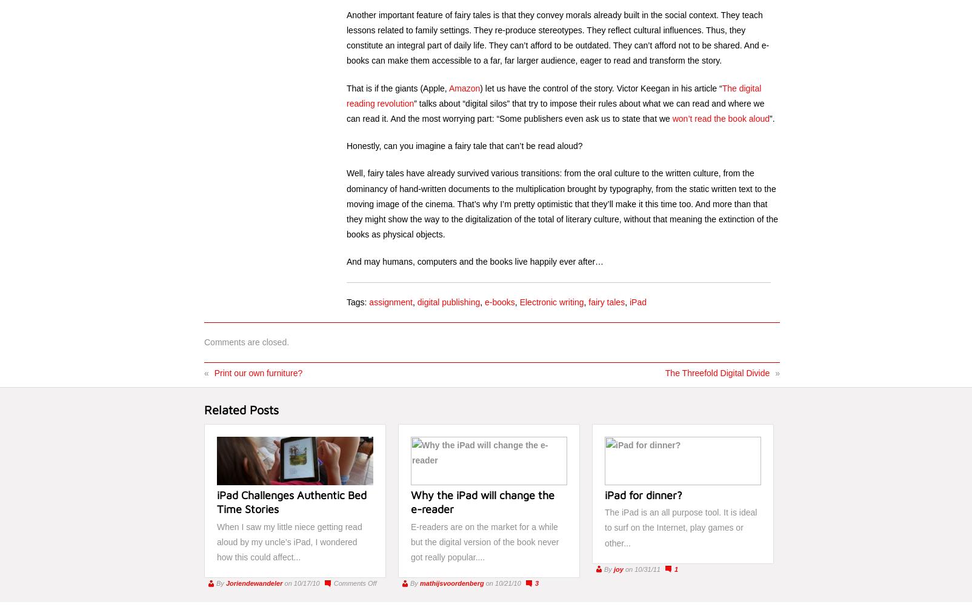 Image resolution: width=972 pixels, height=610 pixels. I want to click on 'on 10/17/10', so click(302, 582).